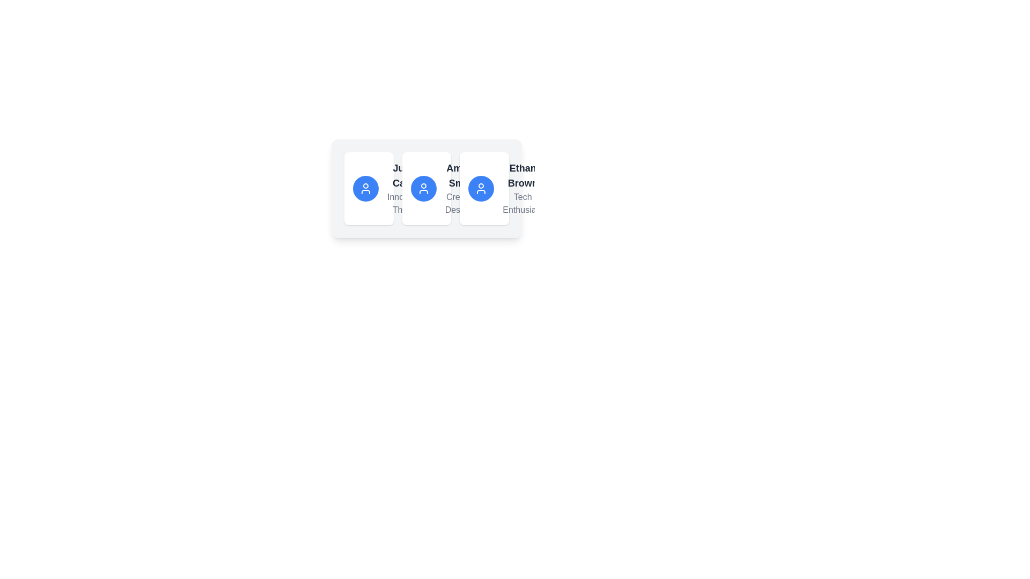 The height and width of the screenshot is (579, 1030). What do you see at coordinates (462, 204) in the screenshot?
I see `the text label displaying the professional role of 'Amelia Smith', located in the lower half of the card-style layout beneath her name` at bounding box center [462, 204].